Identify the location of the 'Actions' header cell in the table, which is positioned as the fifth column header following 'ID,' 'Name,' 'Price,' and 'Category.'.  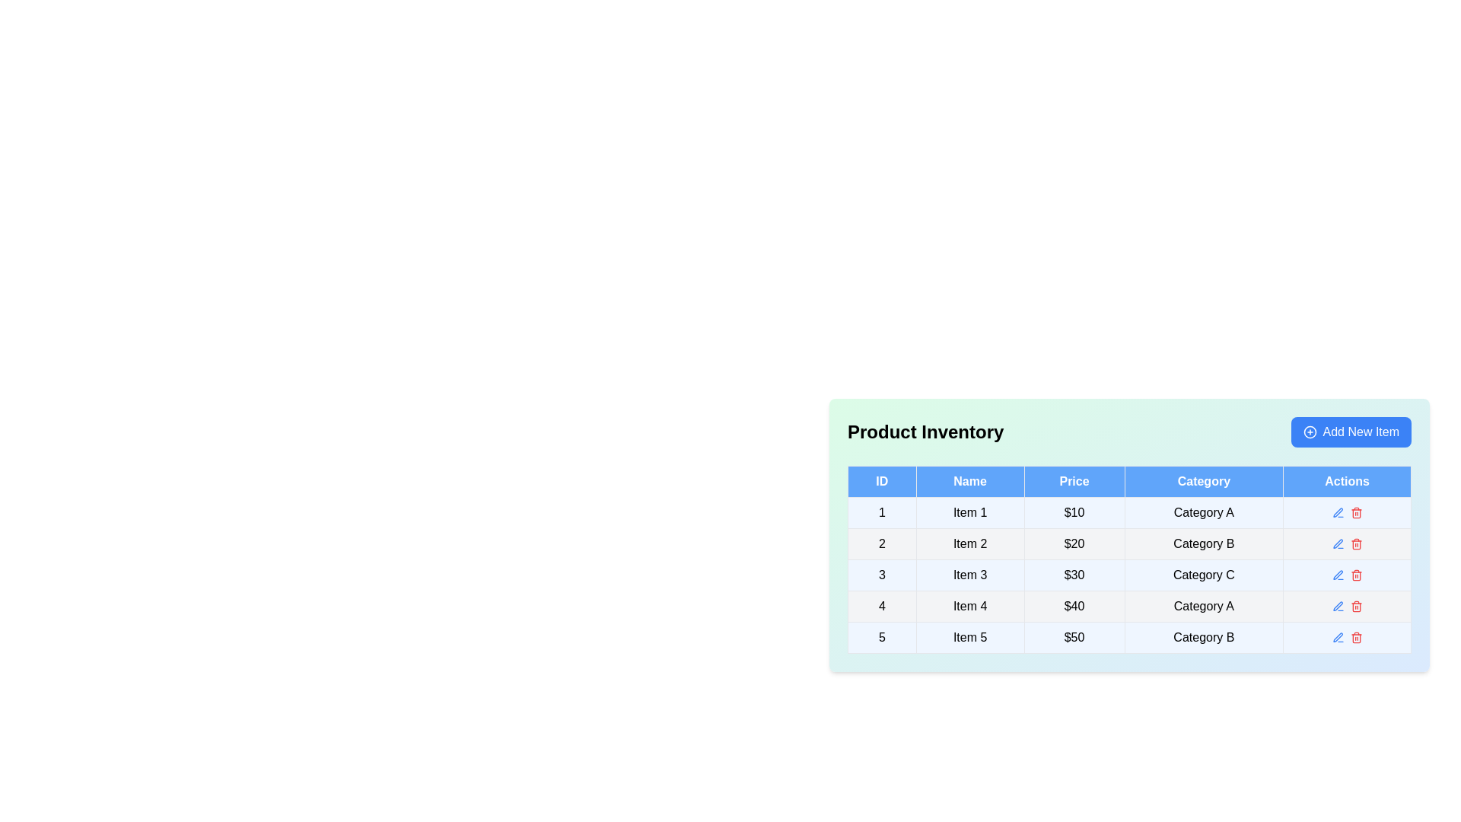
(1347, 481).